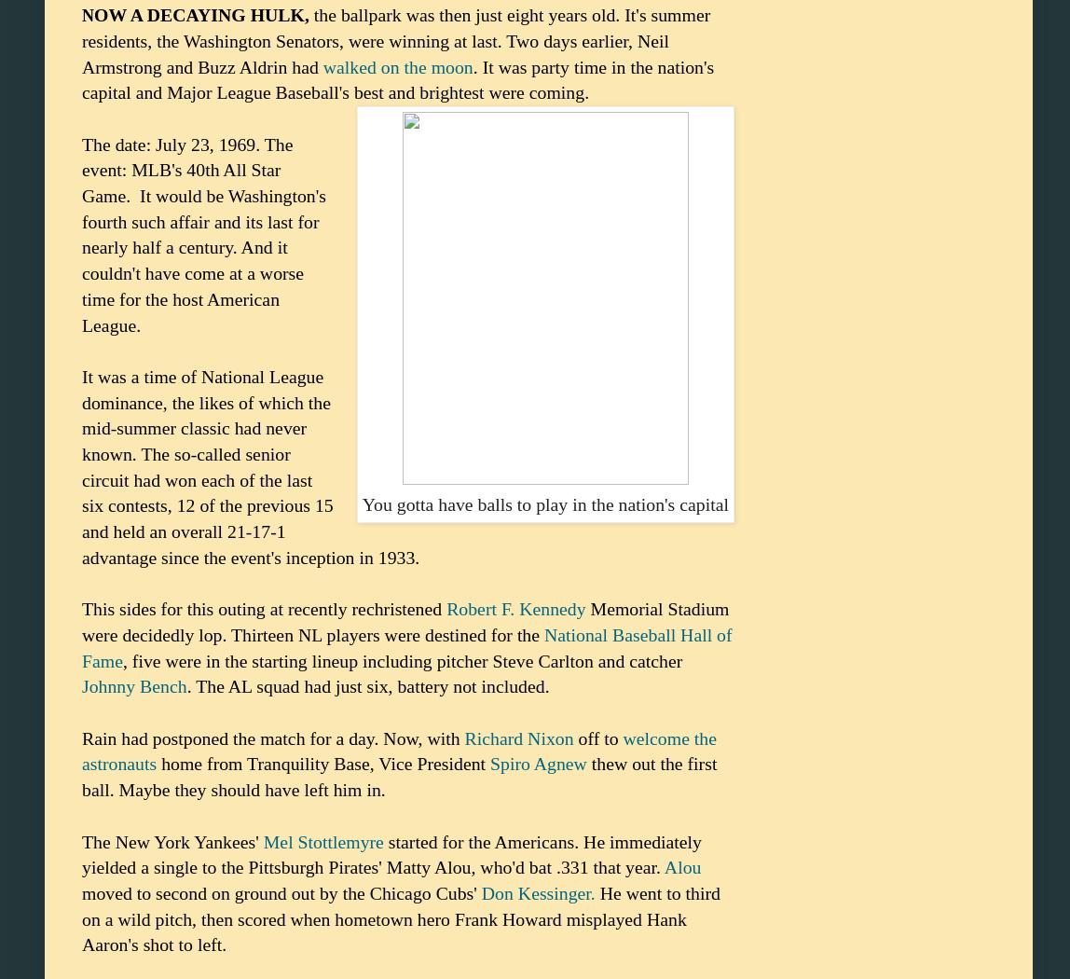 The image size is (1070, 979). What do you see at coordinates (87, 16) in the screenshot?
I see `'N'` at bounding box center [87, 16].